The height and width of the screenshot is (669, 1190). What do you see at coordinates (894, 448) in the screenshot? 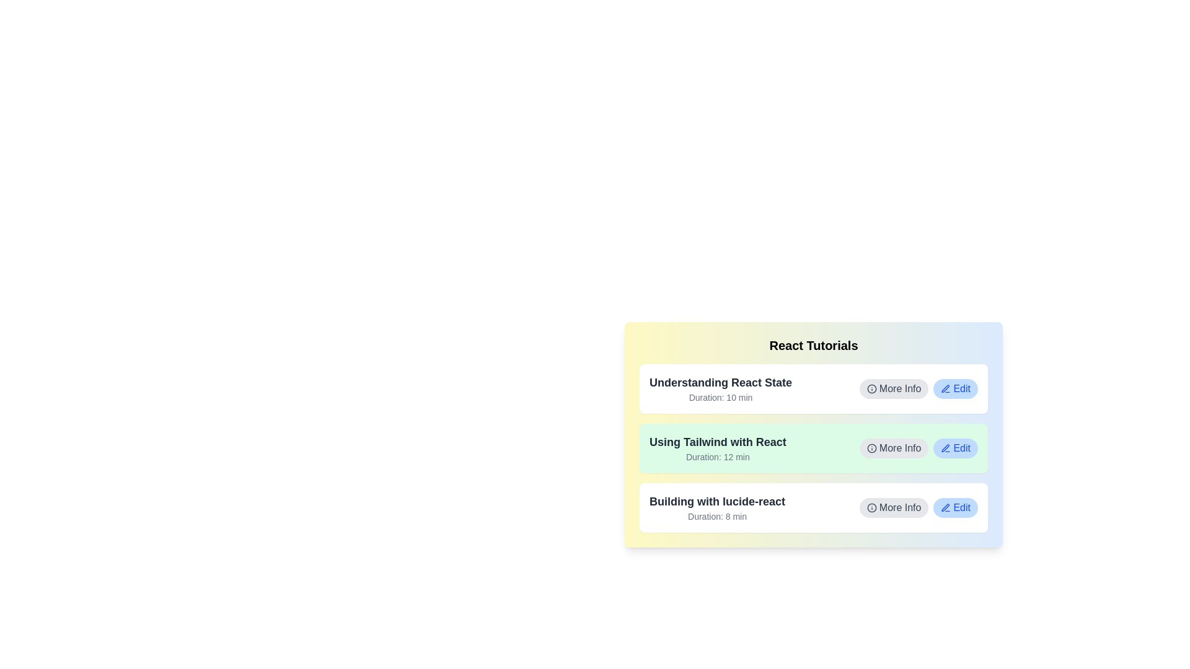
I see `'More Info' button for the tutorial titled 'Using Tailwind with React'` at bounding box center [894, 448].